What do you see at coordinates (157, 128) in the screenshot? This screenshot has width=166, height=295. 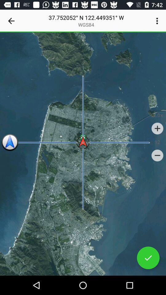 I see `icon above 12` at bounding box center [157, 128].